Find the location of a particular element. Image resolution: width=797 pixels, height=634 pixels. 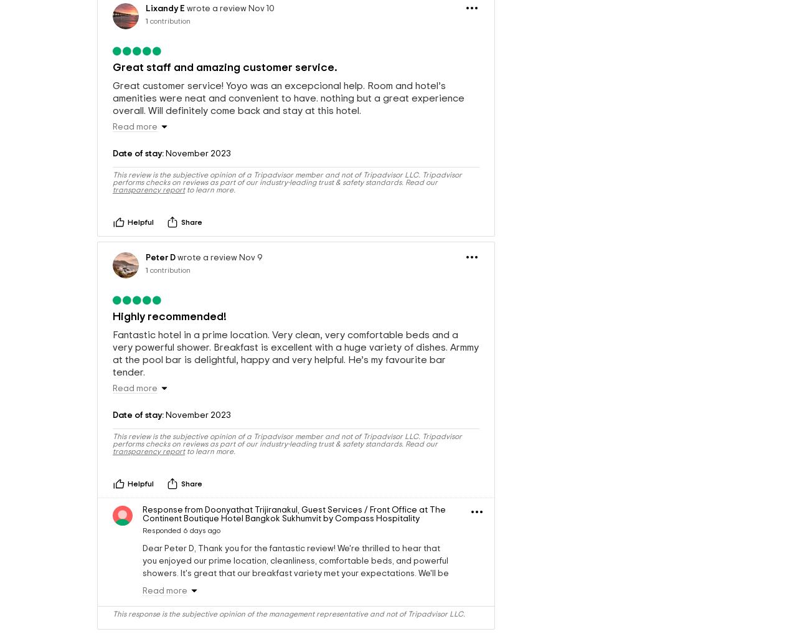

'6 days ago' is located at coordinates (201, 564).